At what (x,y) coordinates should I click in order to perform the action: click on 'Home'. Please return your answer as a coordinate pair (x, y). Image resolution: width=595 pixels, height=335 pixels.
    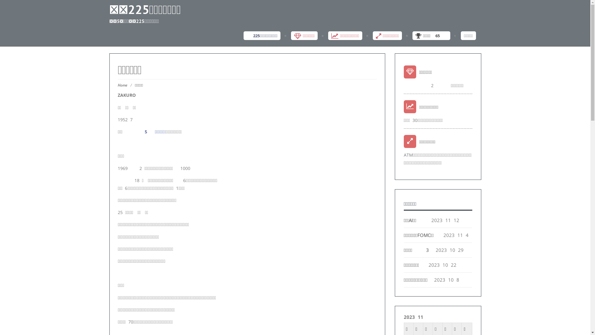
    Looking at the image, I should click on (122, 85).